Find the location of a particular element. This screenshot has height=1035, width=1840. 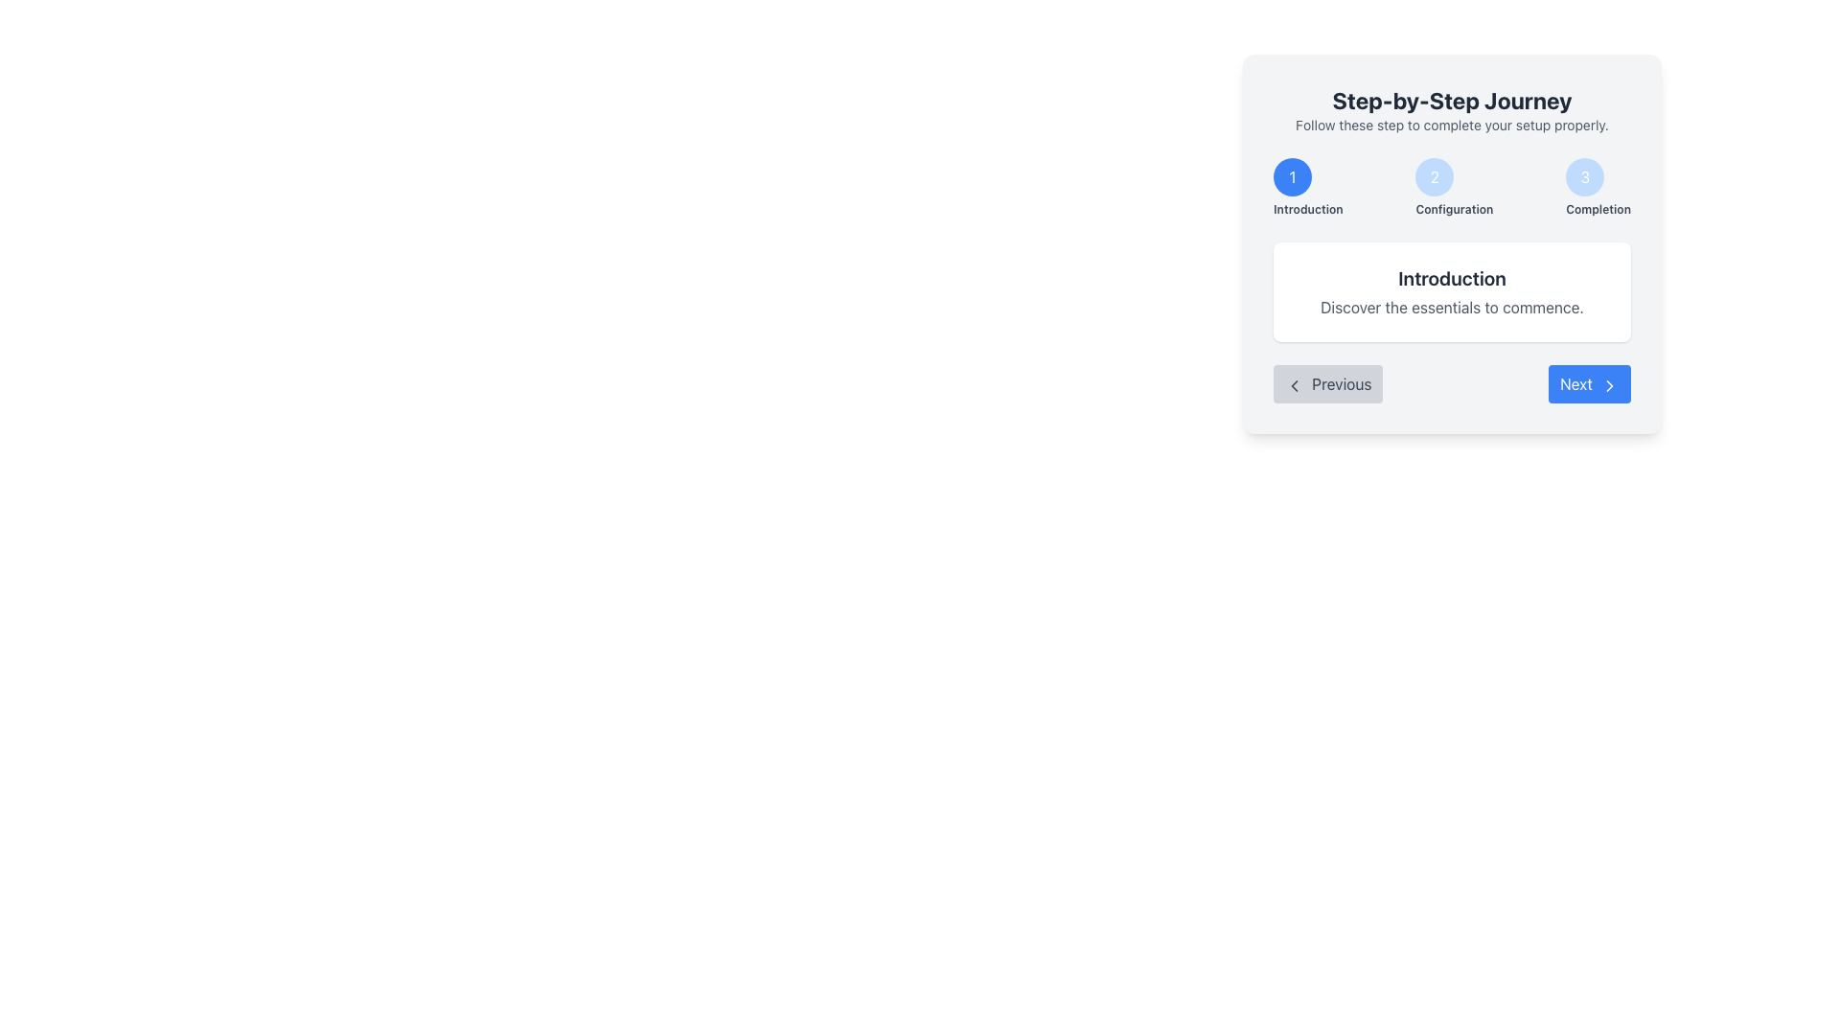

the step indicator badge containing the number '2' is located at coordinates (1454, 188).